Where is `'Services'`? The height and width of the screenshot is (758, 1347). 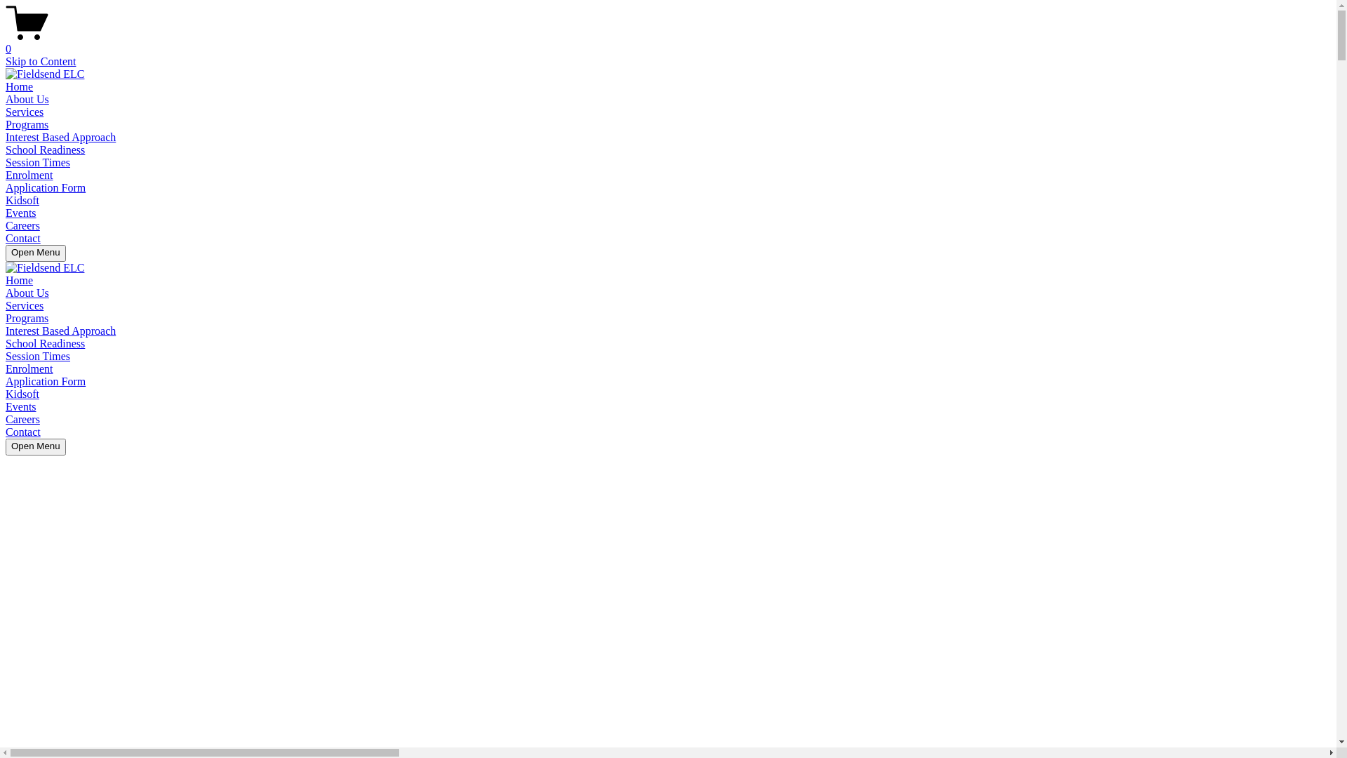 'Services' is located at coordinates (24, 111).